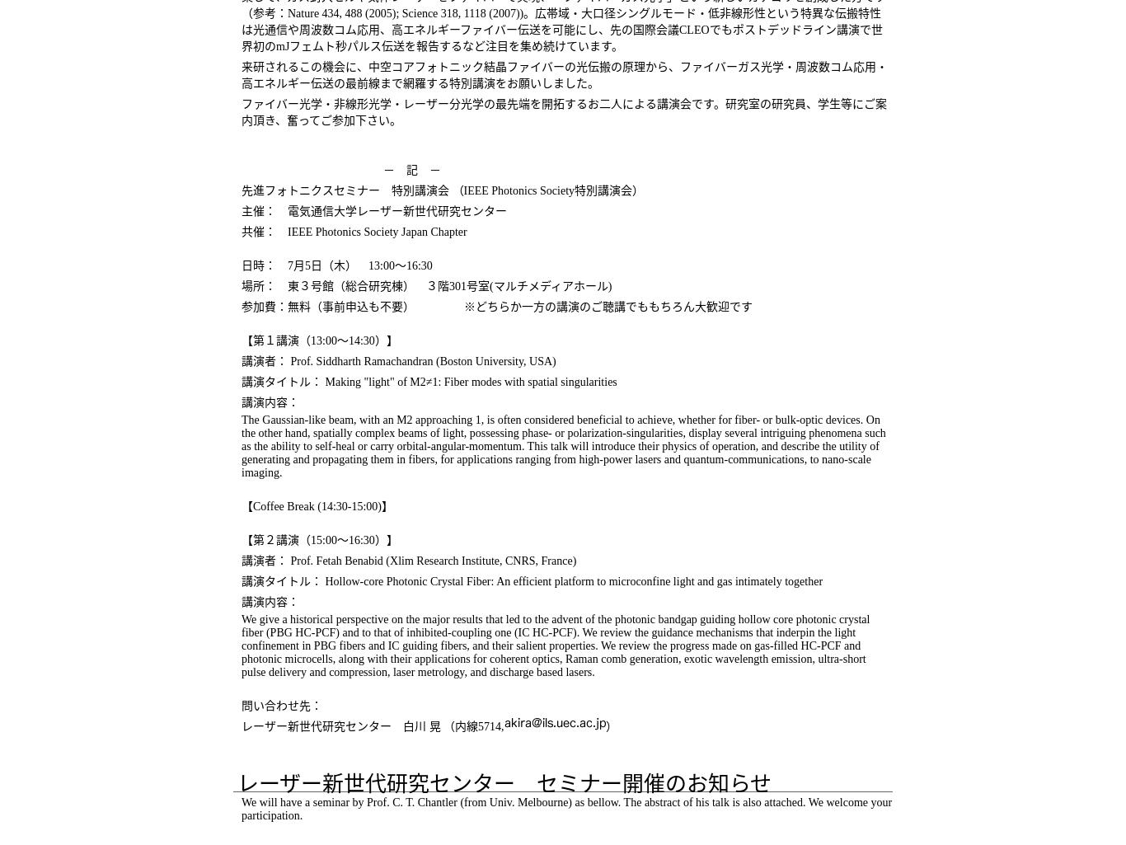 This screenshot has height=845, width=1126. I want to click on 'The Gaussian-like beam, with an M2 approaching 1, is often considered beneficial to achieve, whether for fiber- or bulk-optic devices. On the other hand, spatially complex beams of light, possessing phase- or polarization-singularities, display several intriguing phenomena such as the ability to self-heal or carry orbital-angular-momentum. This talk will introduce their physics of operation, and describe the utility of generating and propagating them in fibers, for applications ranging from high-power lasers and quantum-communications, to nano-scale imaging.', so click(563, 445).